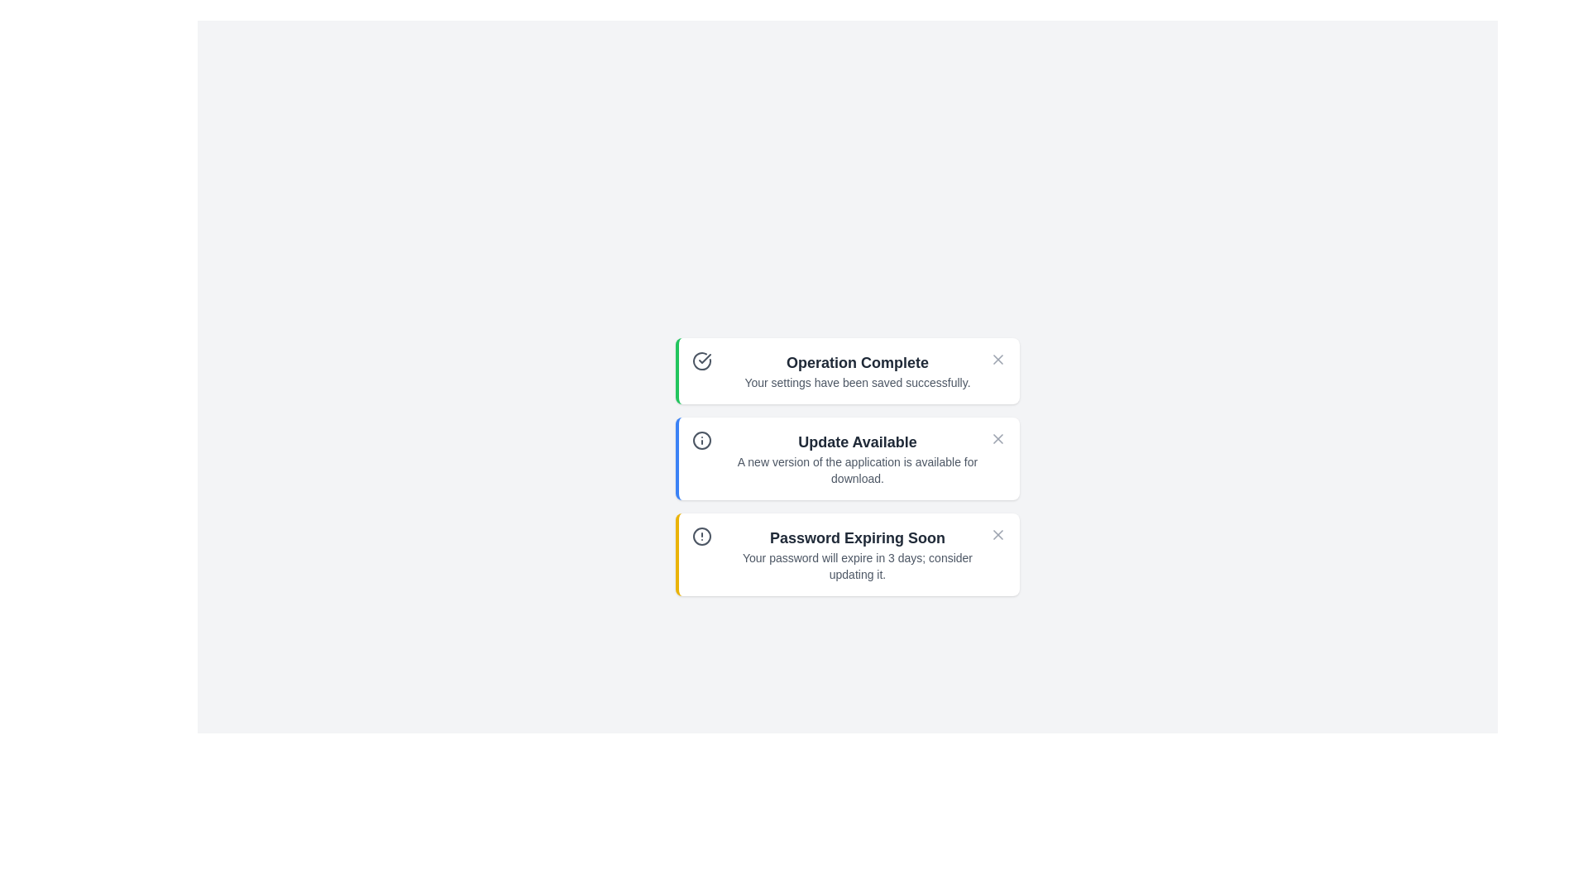 The width and height of the screenshot is (1588, 893). I want to click on the circular icon component located within the 'Password Expiring Soon' notification box, positioned to the left of the notification text, so click(702, 536).